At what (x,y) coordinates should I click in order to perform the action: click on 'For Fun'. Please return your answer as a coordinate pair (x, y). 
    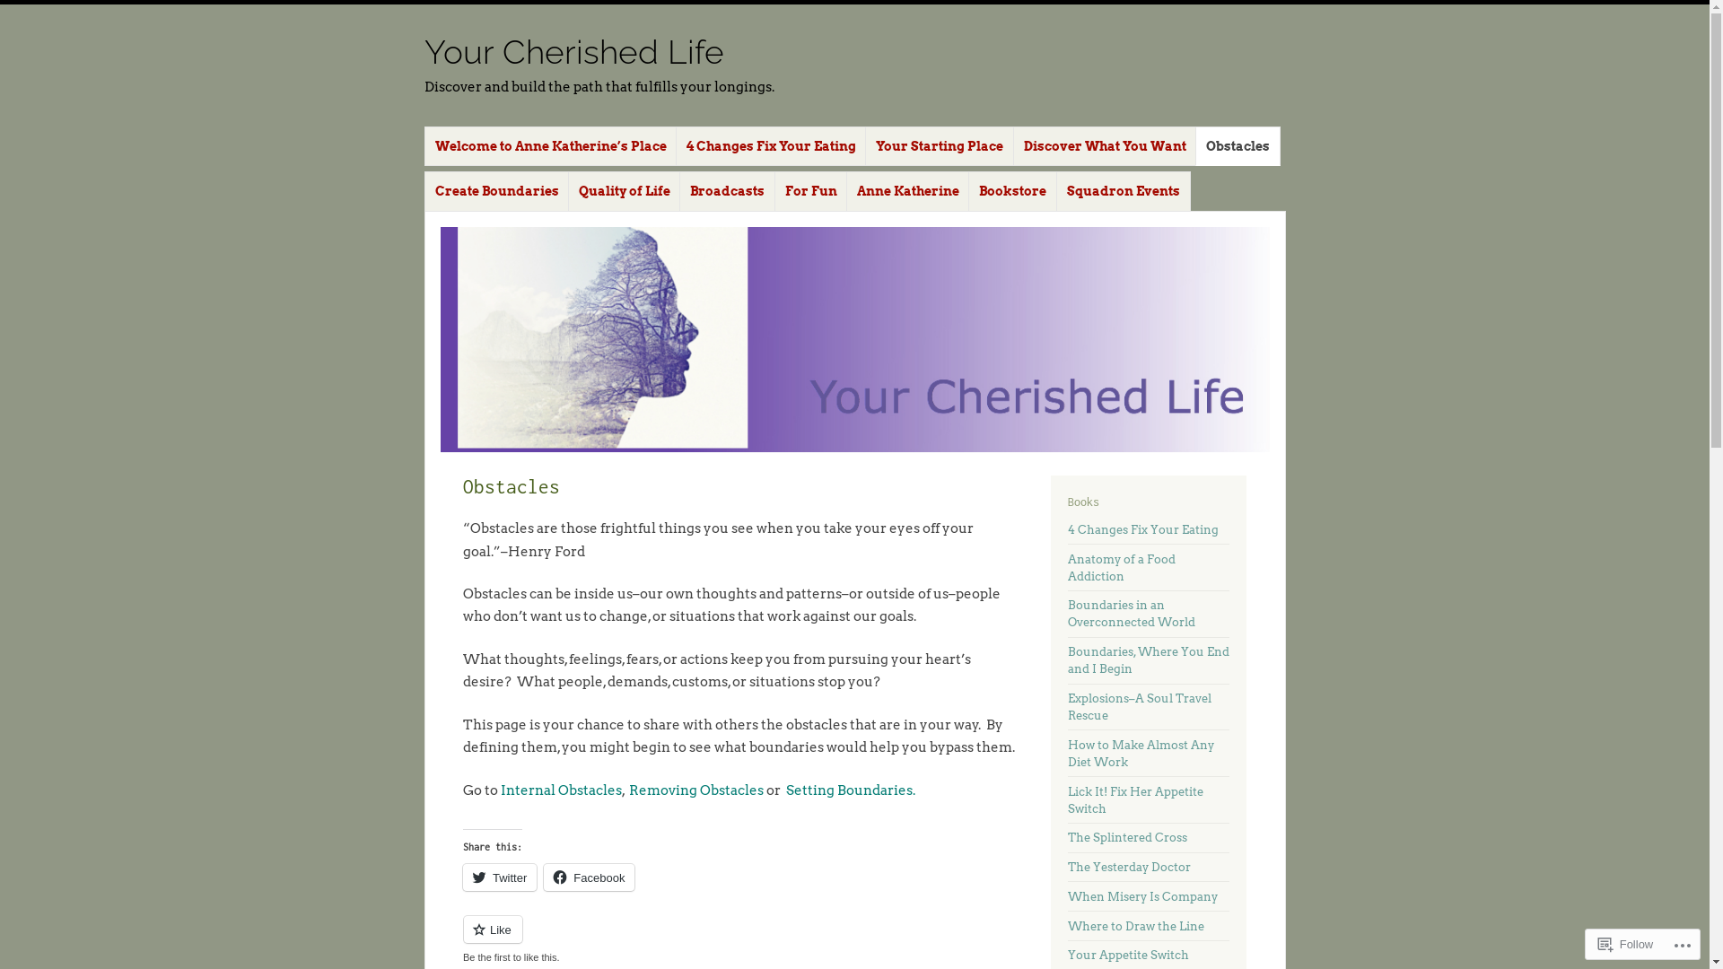
    Looking at the image, I should click on (774, 191).